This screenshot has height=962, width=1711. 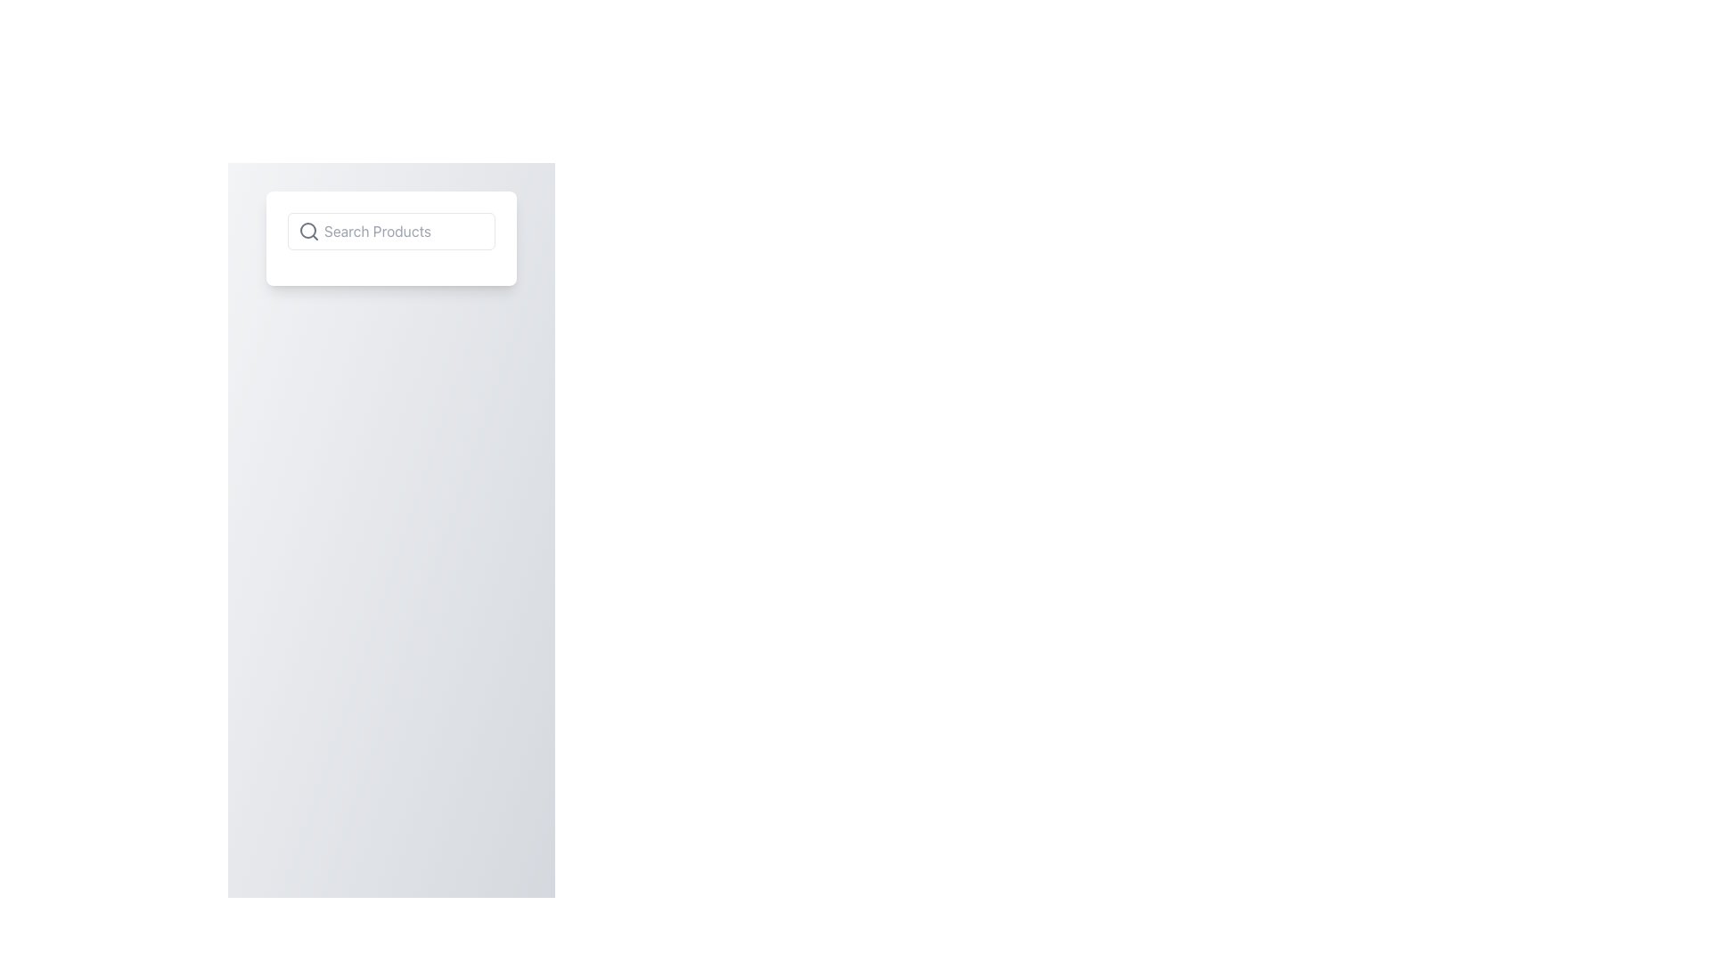 I want to click on the input field by clicking on the magnifying glass icon, which is styled with a circular border and located to the left of the 'Search Products' placeholder, so click(x=308, y=230).